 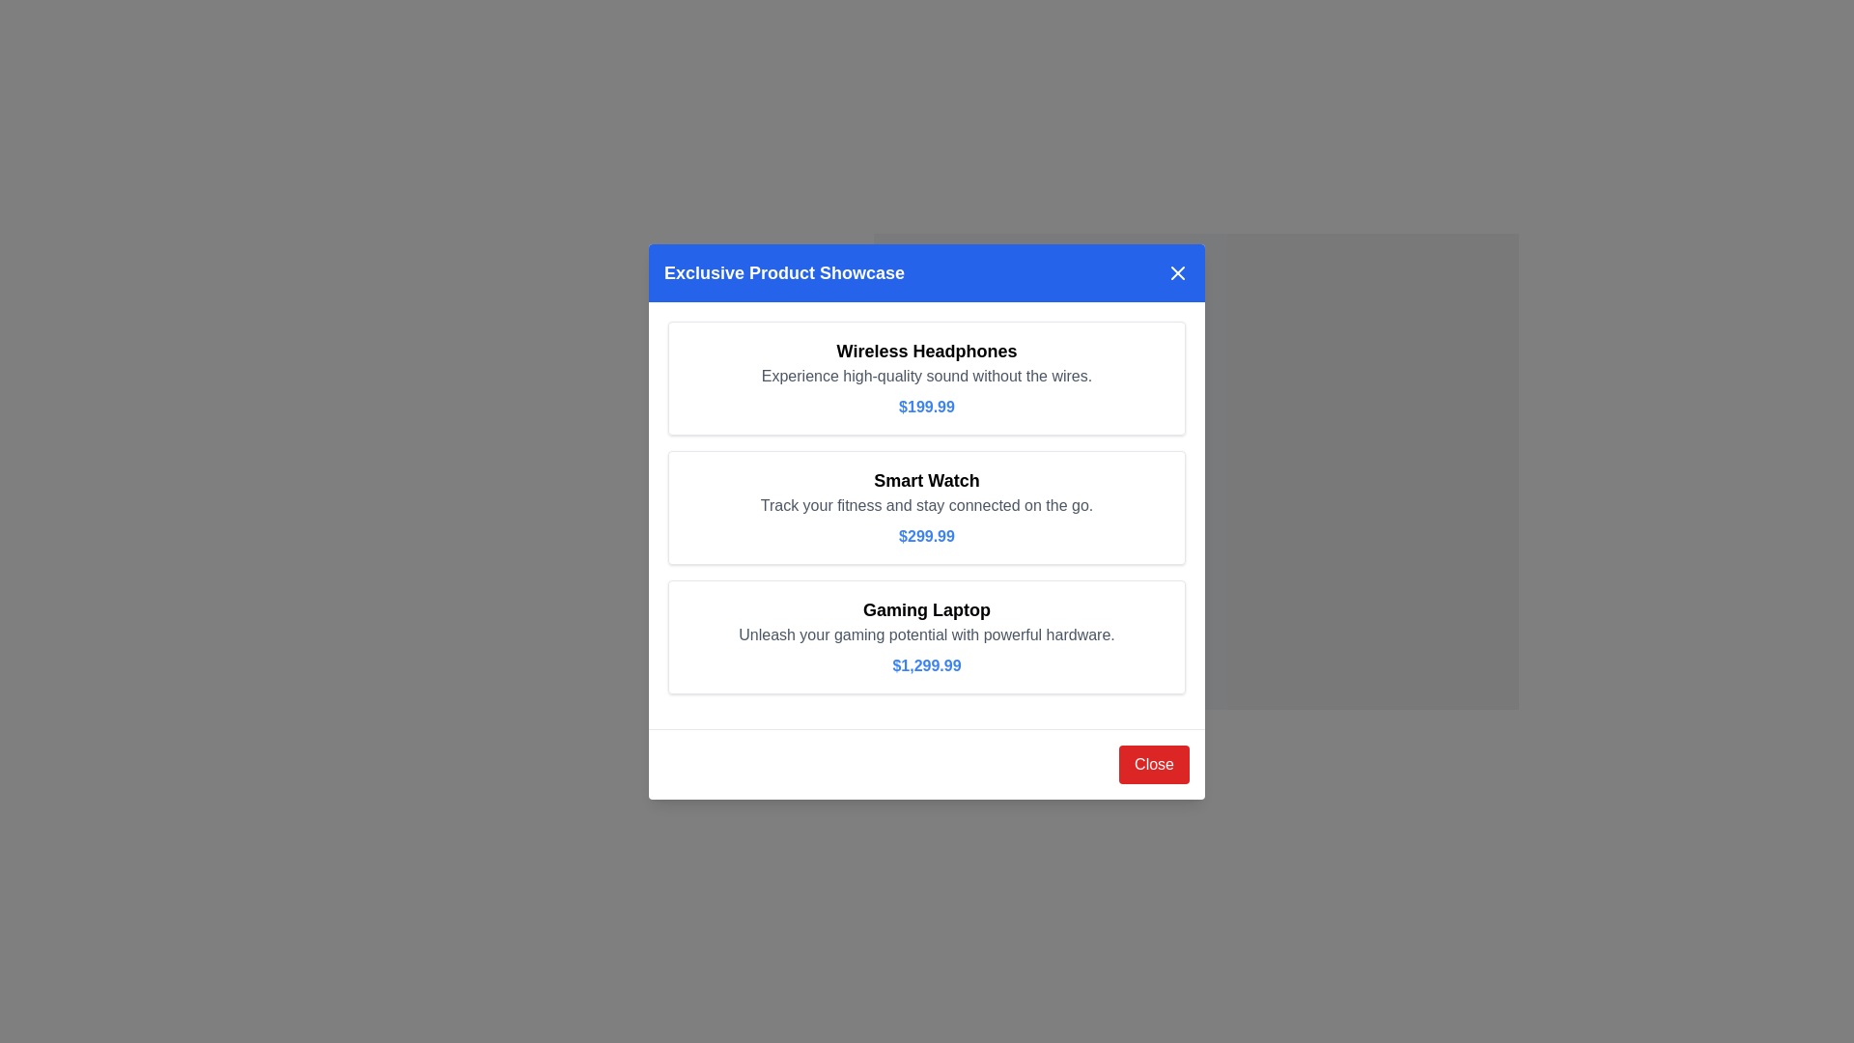 I want to click on the close button located at the far right of the header section labeled 'Exclusive Product Showcase', so click(x=1176, y=271).